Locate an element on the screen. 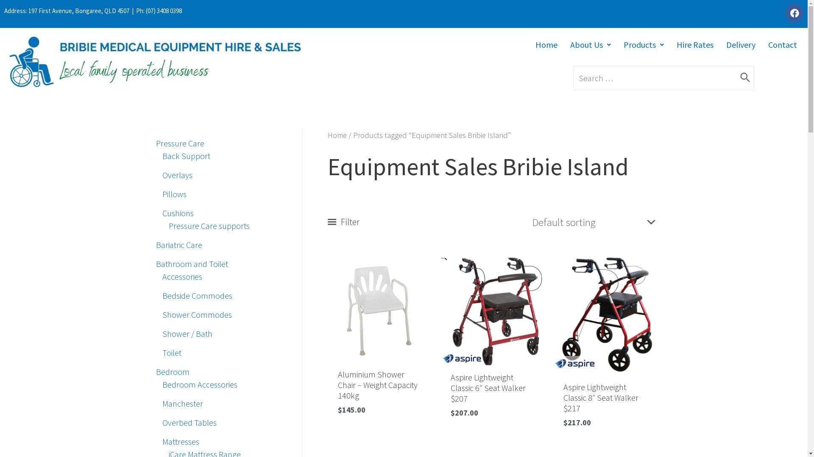 The height and width of the screenshot is (457, 814). 'Overbed Tables' is located at coordinates (189, 422).